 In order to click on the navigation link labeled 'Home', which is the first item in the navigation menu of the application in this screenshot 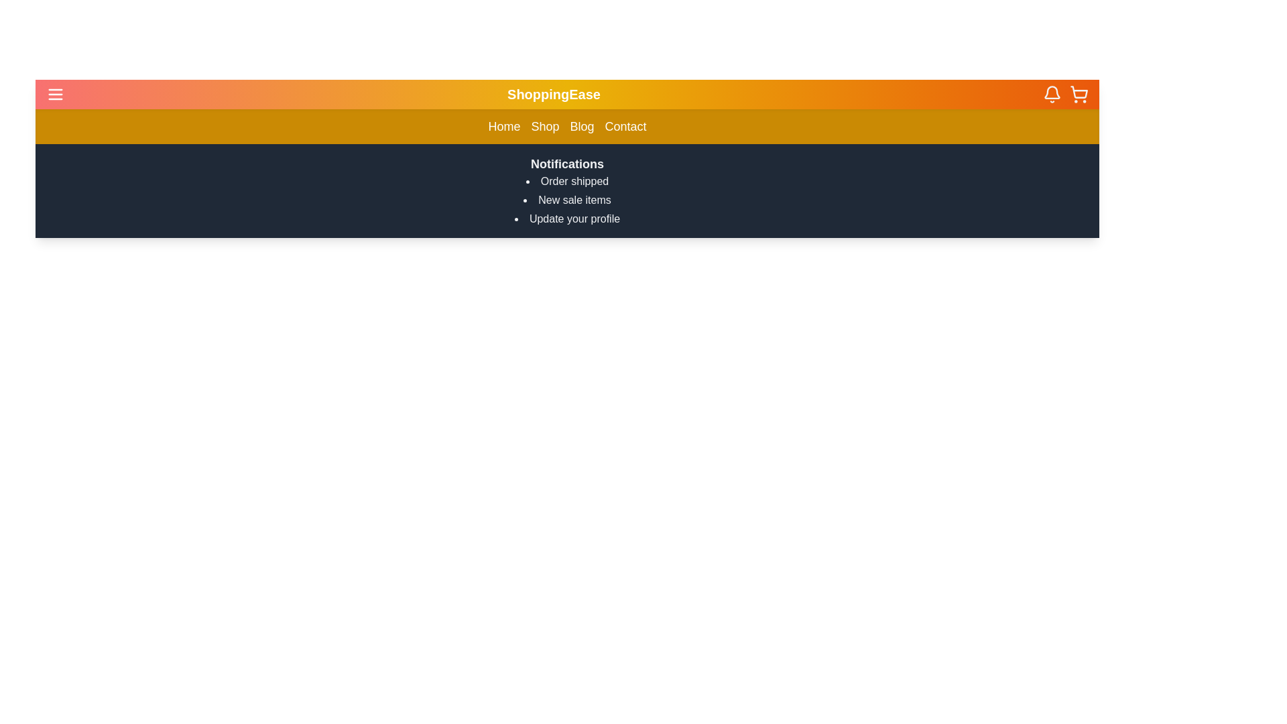, I will do `click(503, 127)`.